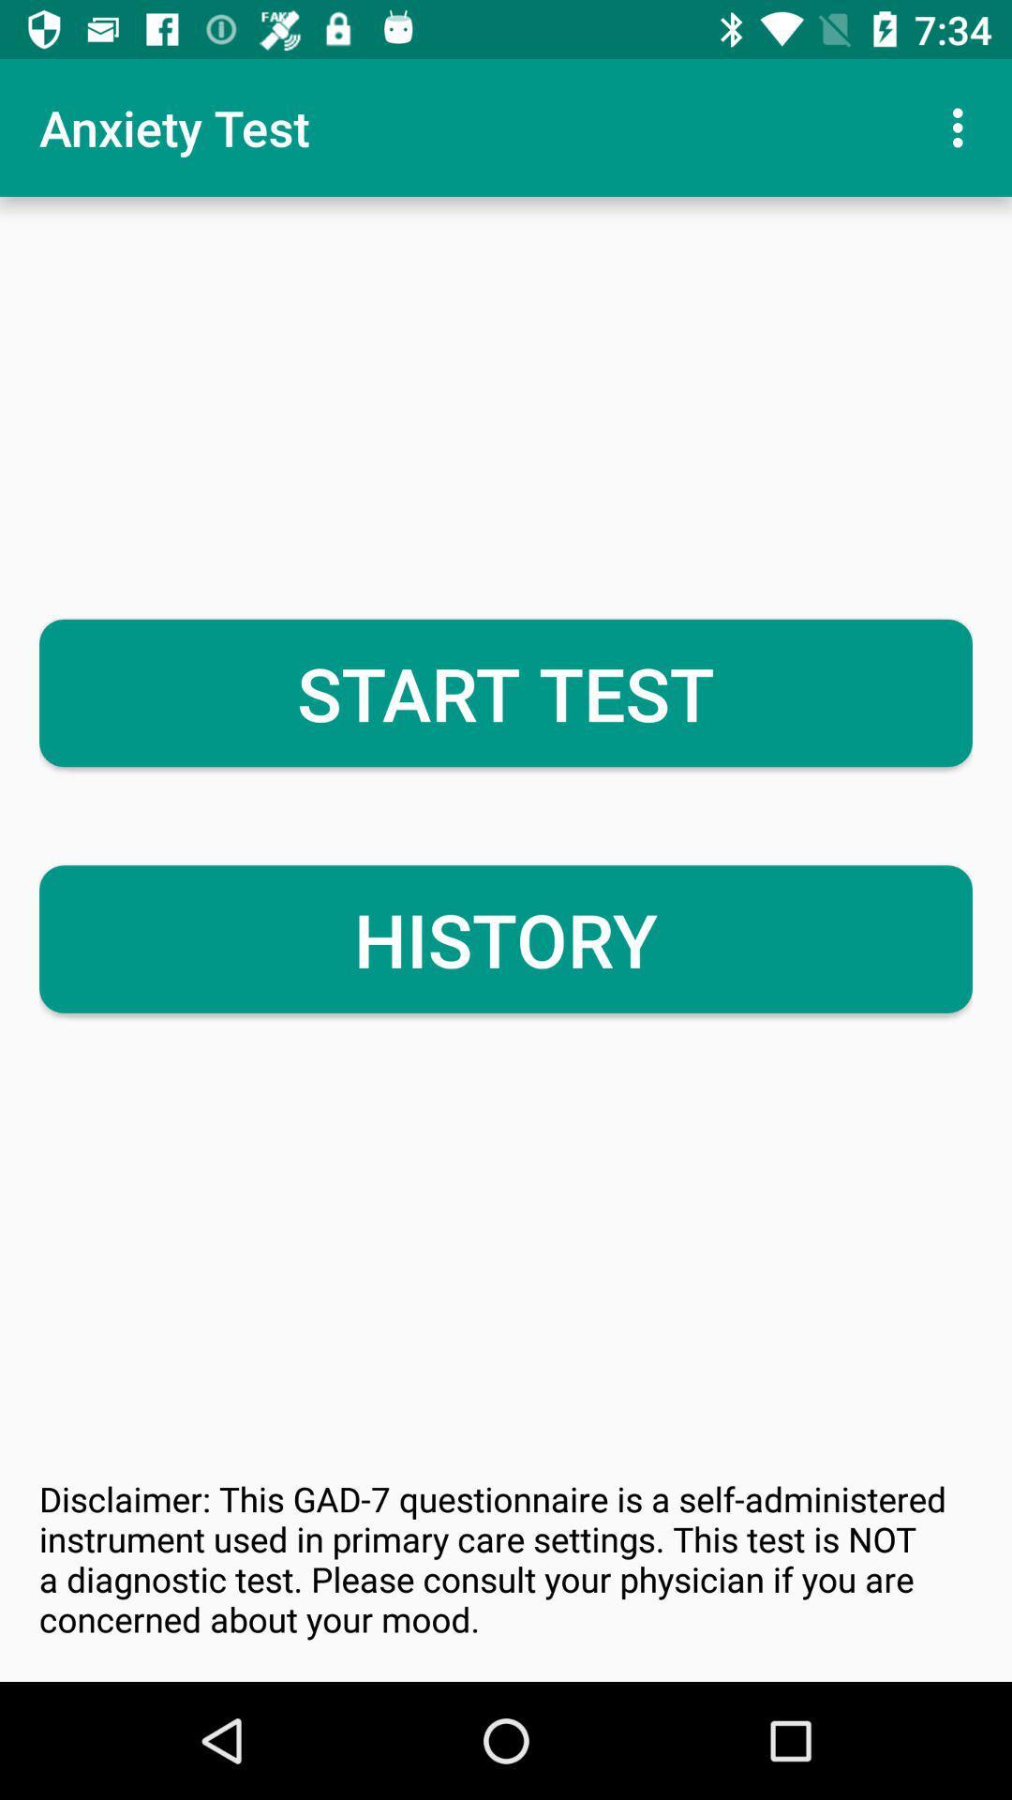 The height and width of the screenshot is (1800, 1012). Describe the element at coordinates (962, 127) in the screenshot. I see `the item next to the anxiety test item` at that location.